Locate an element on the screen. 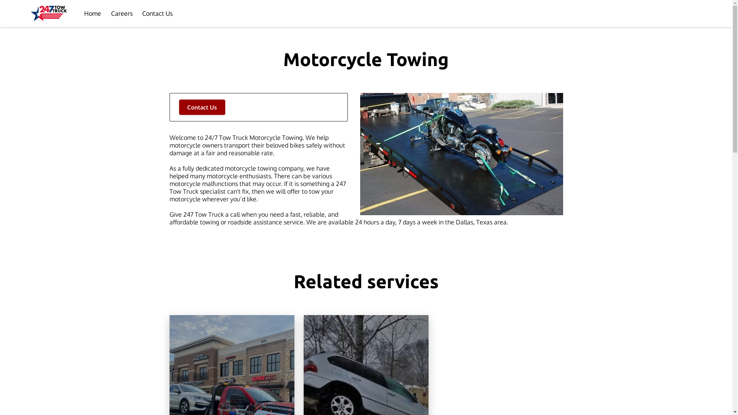 The image size is (738, 415). 'Careers' is located at coordinates (121, 13).